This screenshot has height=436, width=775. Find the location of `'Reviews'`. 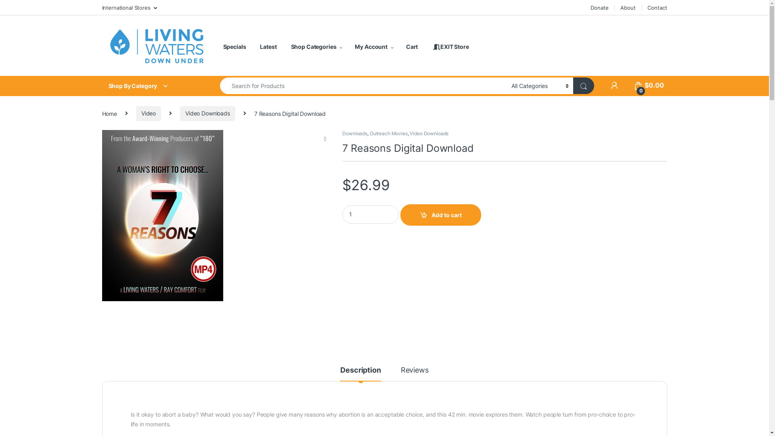

'Reviews' is located at coordinates (401, 373).